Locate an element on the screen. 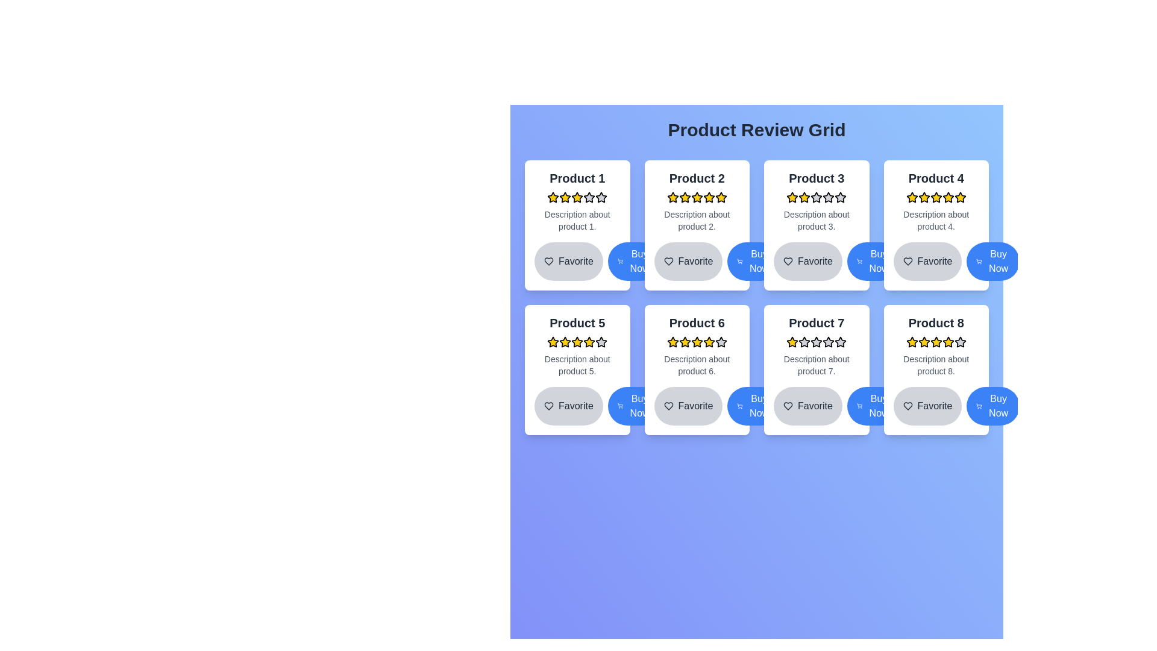 This screenshot has width=1157, height=651. the third star-shaped rating icon, which is partially filled and located within the 'Product 5' card in the lower left part of the product grid layout is located at coordinates (601, 342).